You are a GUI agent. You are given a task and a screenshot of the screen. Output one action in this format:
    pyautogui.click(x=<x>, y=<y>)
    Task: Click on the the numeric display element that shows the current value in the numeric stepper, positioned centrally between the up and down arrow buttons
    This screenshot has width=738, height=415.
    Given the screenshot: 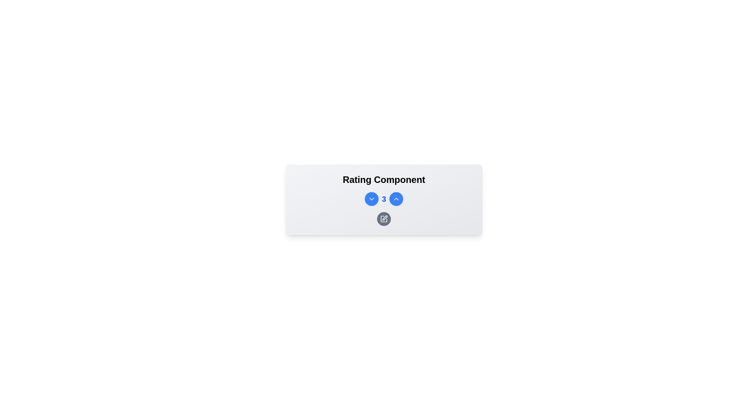 What is the action you would take?
    pyautogui.click(x=384, y=198)
    